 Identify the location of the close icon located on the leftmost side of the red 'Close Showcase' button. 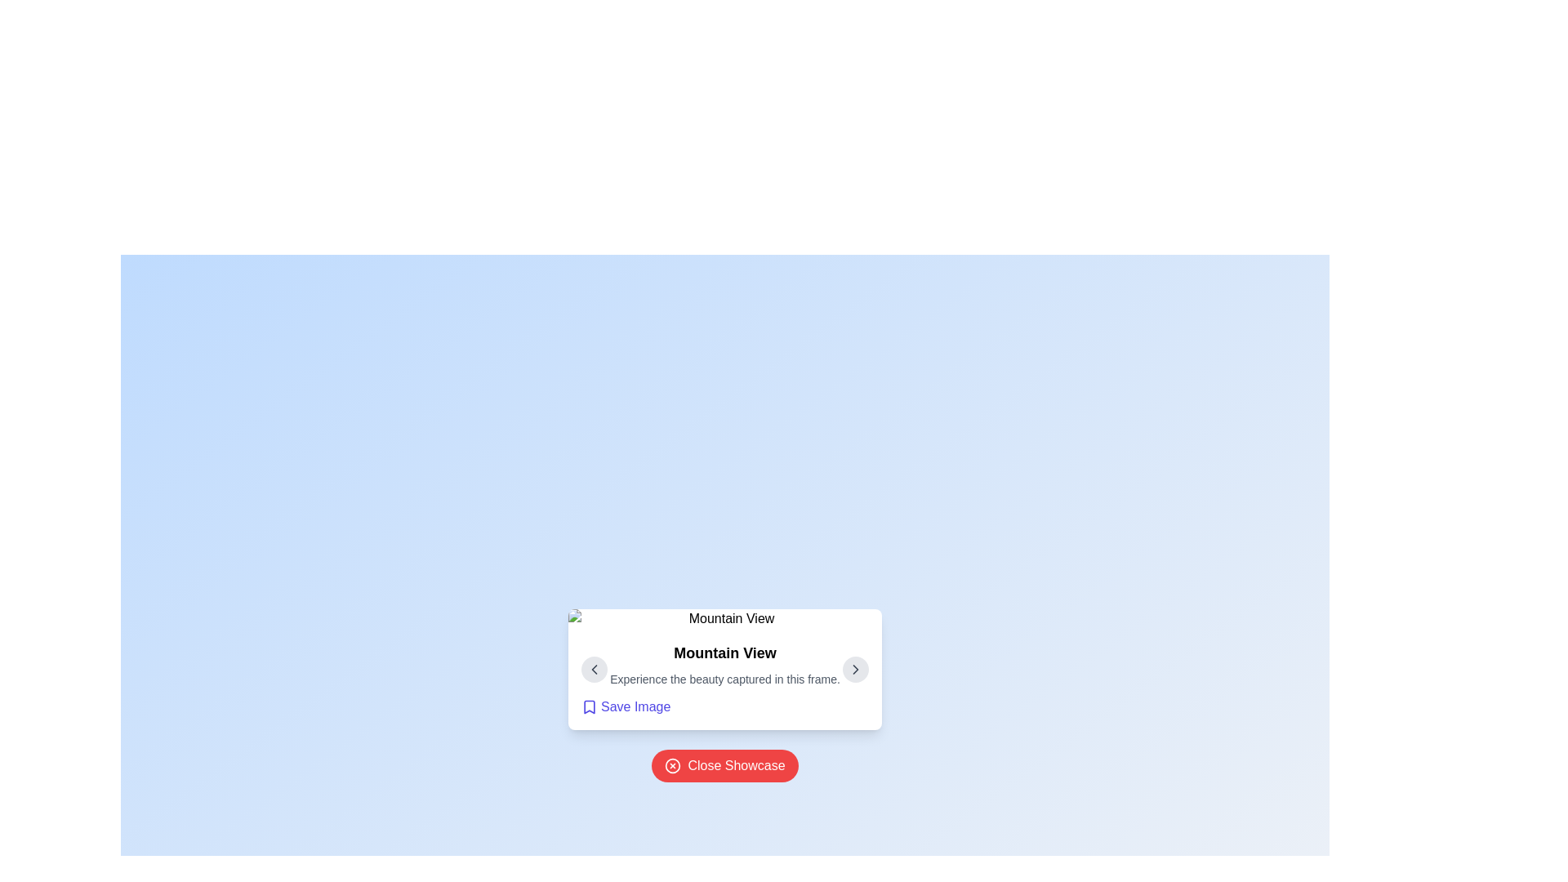
(673, 765).